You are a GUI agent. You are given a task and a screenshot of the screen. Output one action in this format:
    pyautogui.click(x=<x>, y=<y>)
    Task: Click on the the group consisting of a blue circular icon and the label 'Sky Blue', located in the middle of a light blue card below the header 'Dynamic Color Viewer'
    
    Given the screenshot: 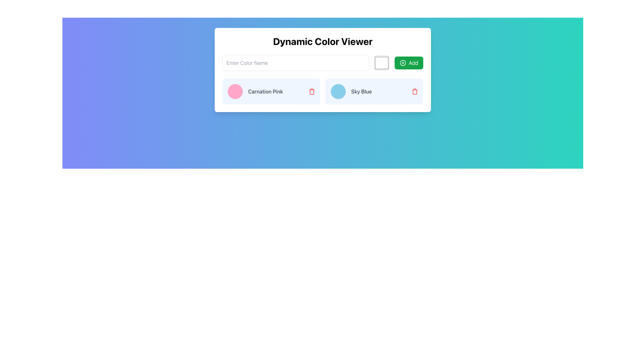 What is the action you would take?
    pyautogui.click(x=351, y=92)
    